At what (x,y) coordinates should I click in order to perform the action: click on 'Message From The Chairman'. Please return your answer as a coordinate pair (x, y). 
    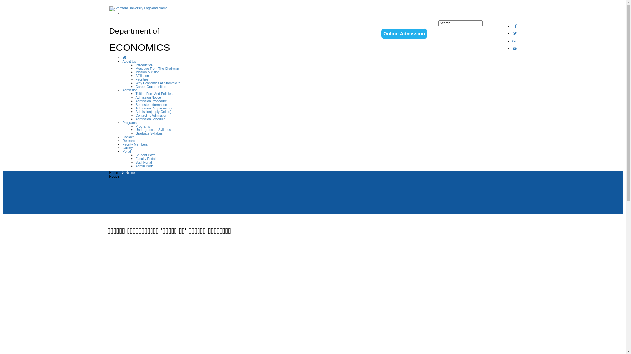
    Looking at the image, I should click on (135, 69).